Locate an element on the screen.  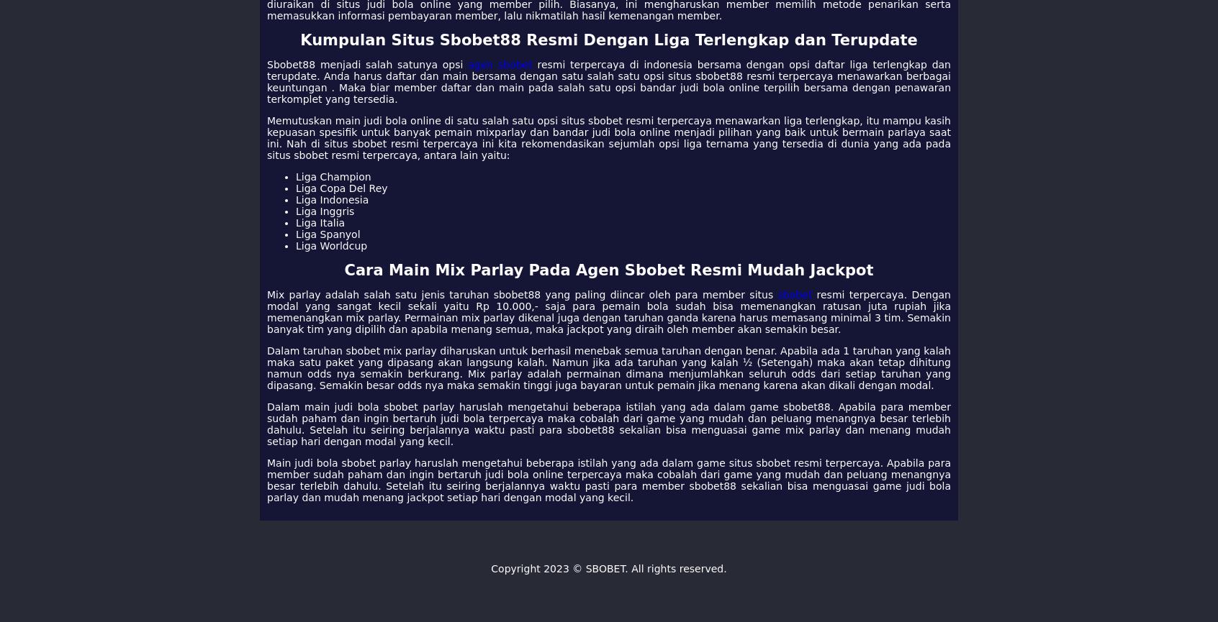
'Memutuskan main judi bola online di satu salah satu opsi situs sbobet resmi terpercaya menawarkan liga terlengkap, itu mampu kasih kepuasan spesifik untuk banyak pemain mixparlay dan bandar judi bola online menjadi pilihan yang baik untuk bermain parlaya saat ini. Nah di situs sbobet resmi terpercaya ini kita rekomendasikan sejumlah opsi liga ternama yang tersedia di dunia yang ada pada situs sbobet resmi terpercaya, antara lain yaitu:' is located at coordinates (609, 137).